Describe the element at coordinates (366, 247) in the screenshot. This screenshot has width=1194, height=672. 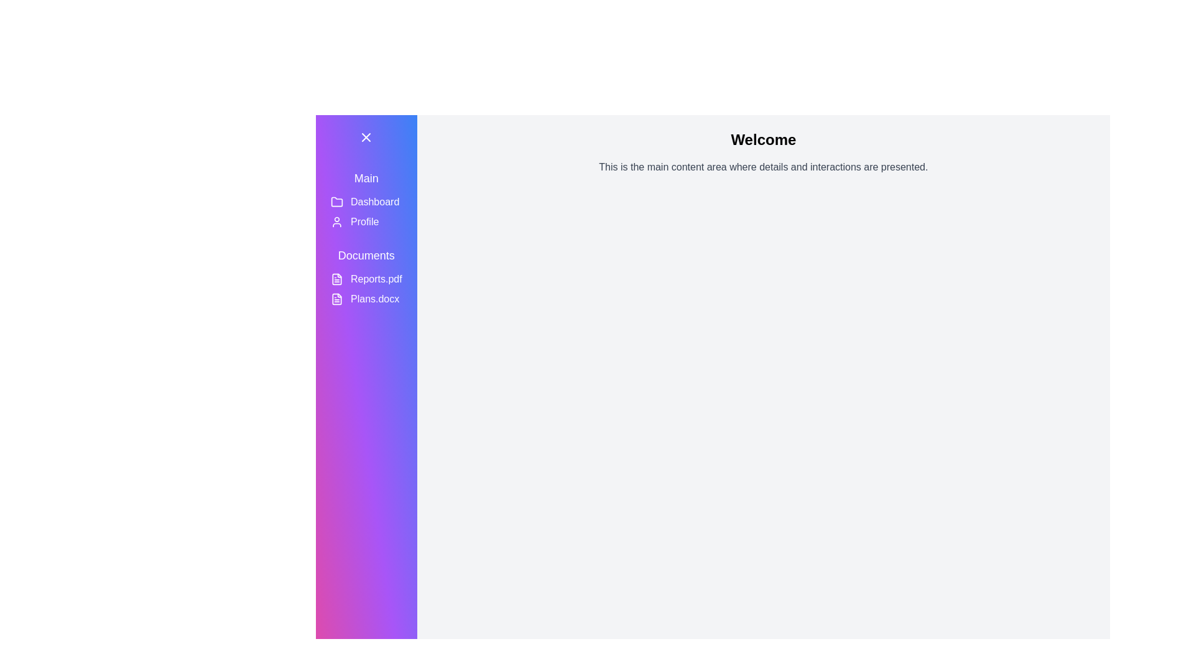
I see `section heading Text label located in the vertical navigation menu, positioned below the 'Profile' entry and above 'Reports.pdf' and 'Plans.docx'` at that location.